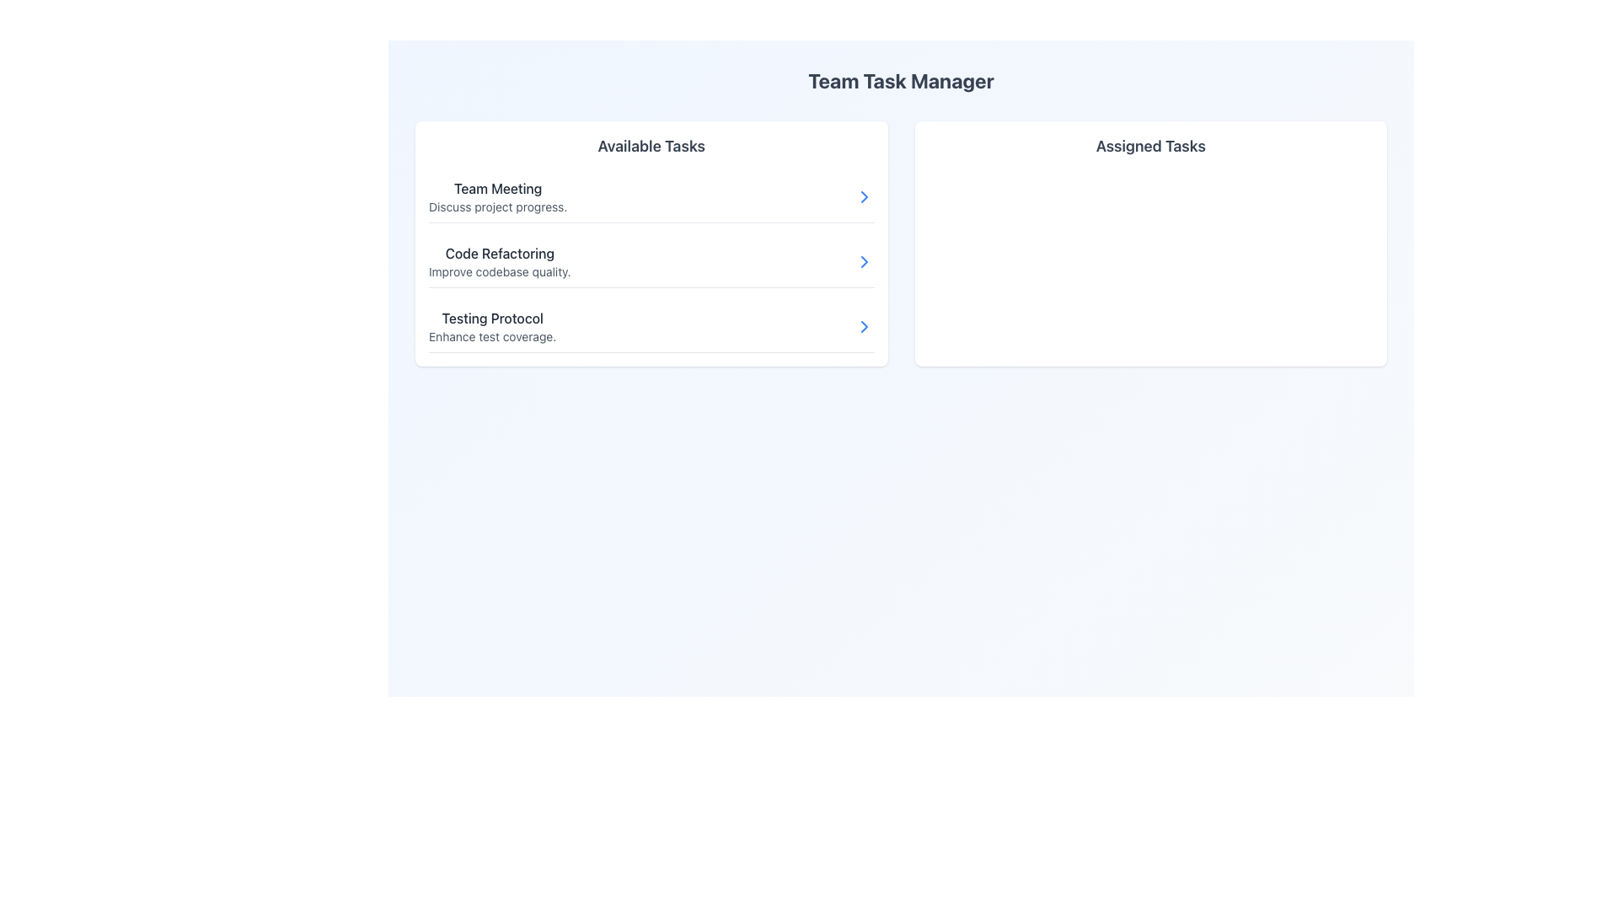 Image resolution: width=1618 pixels, height=910 pixels. Describe the element at coordinates (1149, 145) in the screenshot. I see `the Text Label that categorizes the content in the card, located at the top right side under 'Team Task Manager'` at that location.